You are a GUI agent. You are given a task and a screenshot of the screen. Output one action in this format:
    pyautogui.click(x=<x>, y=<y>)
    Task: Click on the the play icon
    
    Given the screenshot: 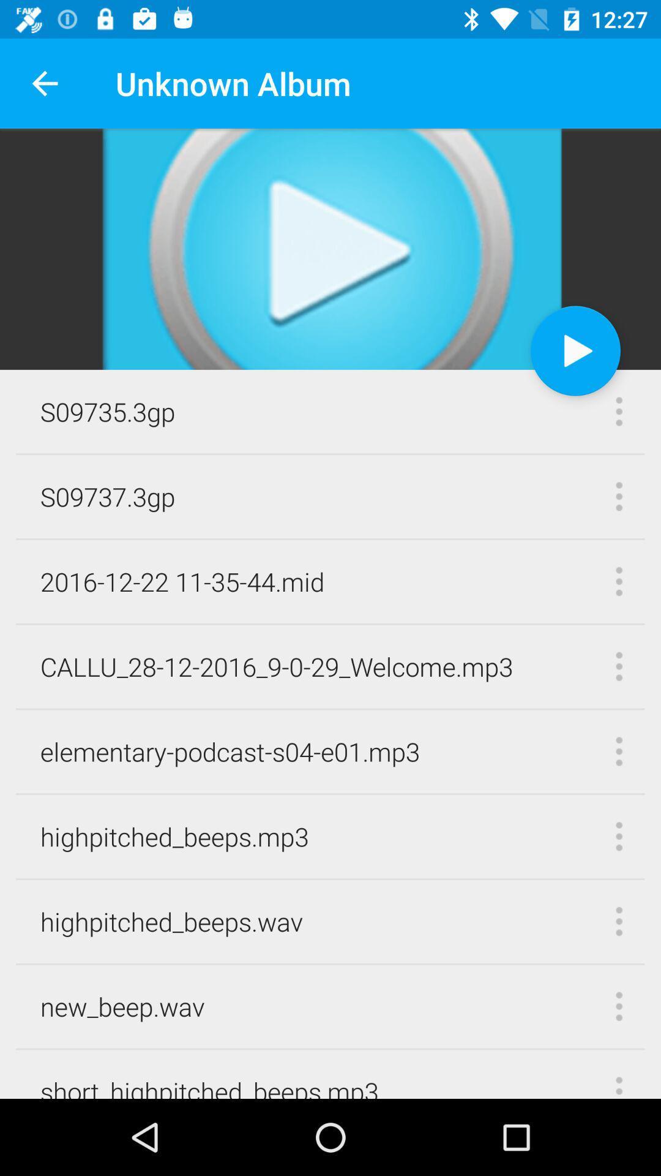 What is the action you would take?
    pyautogui.click(x=575, y=350)
    